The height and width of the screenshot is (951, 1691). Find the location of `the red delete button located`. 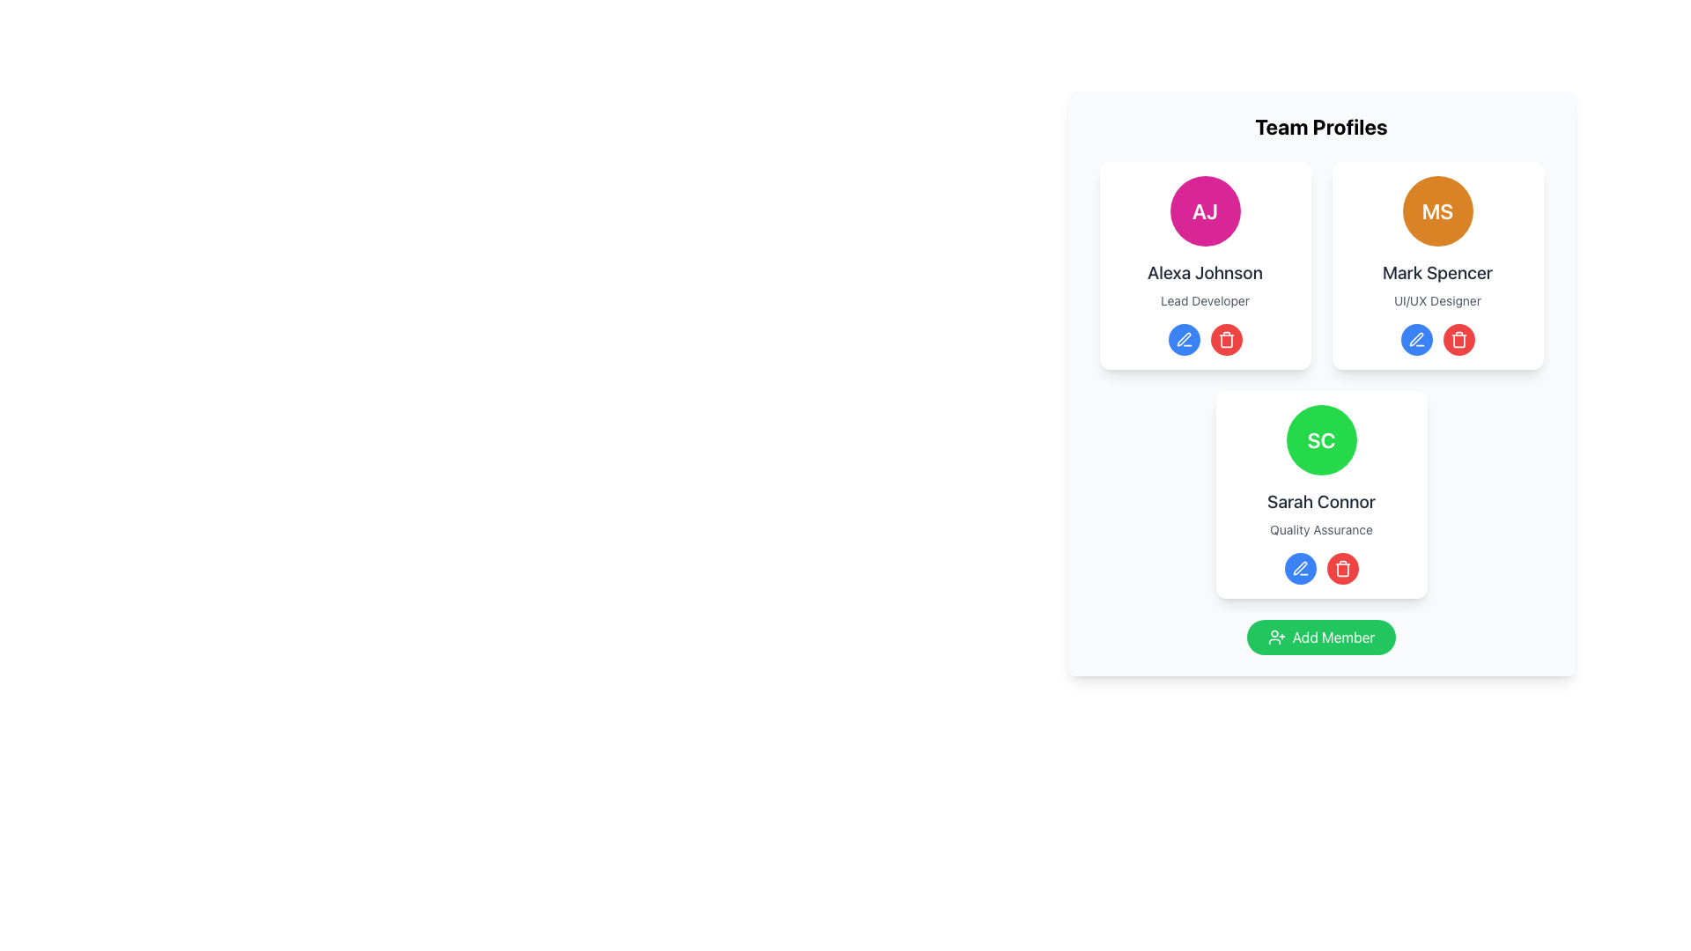

the red delete button located is located at coordinates (1225, 339).